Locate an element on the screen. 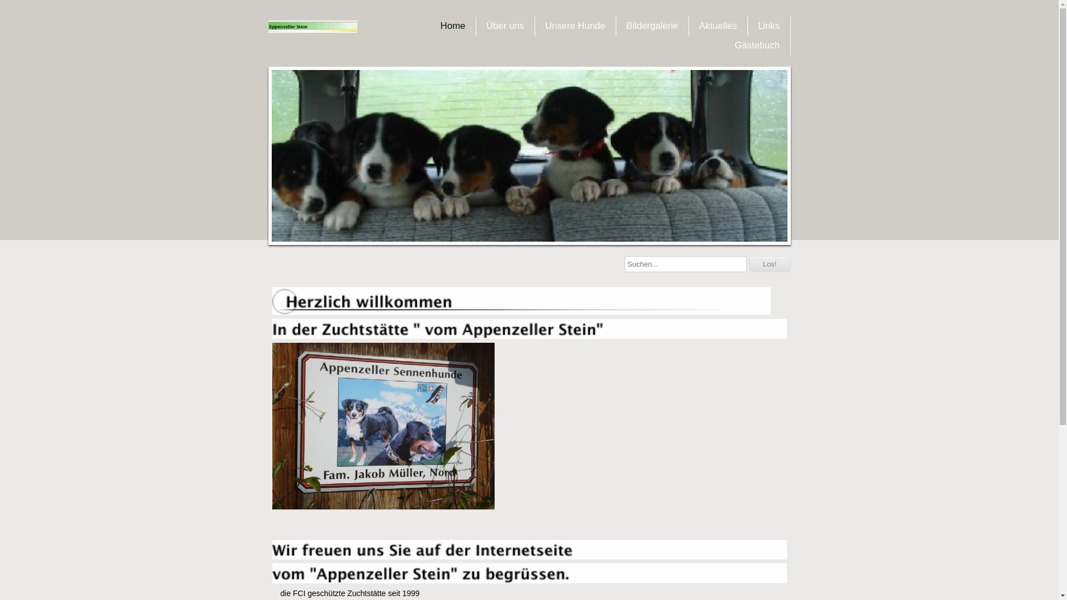 This screenshot has width=1067, height=600. 'Unsere Hunde' is located at coordinates (575, 25).